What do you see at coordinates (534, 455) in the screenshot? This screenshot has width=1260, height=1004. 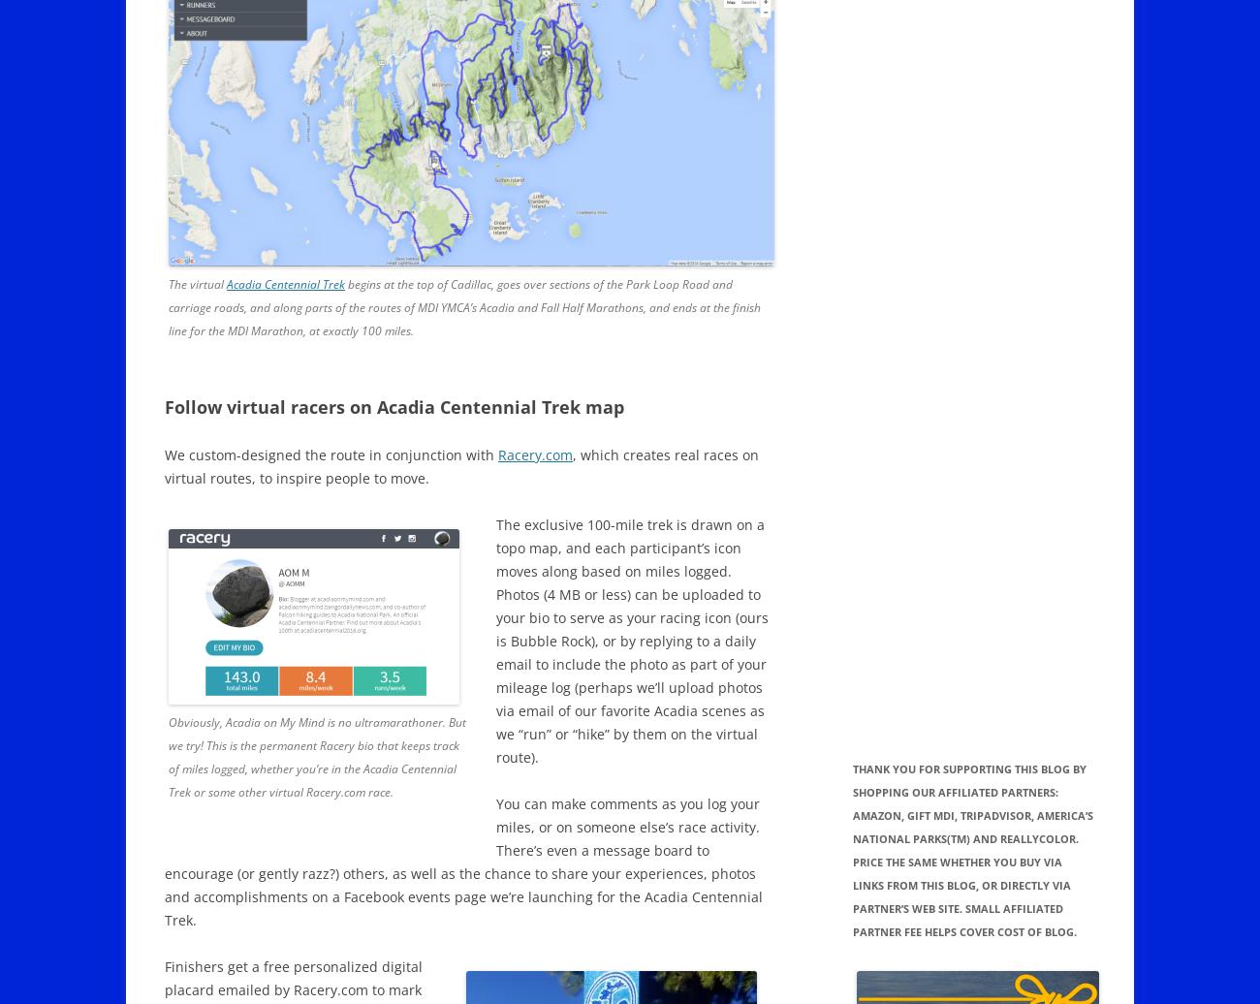 I see `'Racery.com'` at bounding box center [534, 455].